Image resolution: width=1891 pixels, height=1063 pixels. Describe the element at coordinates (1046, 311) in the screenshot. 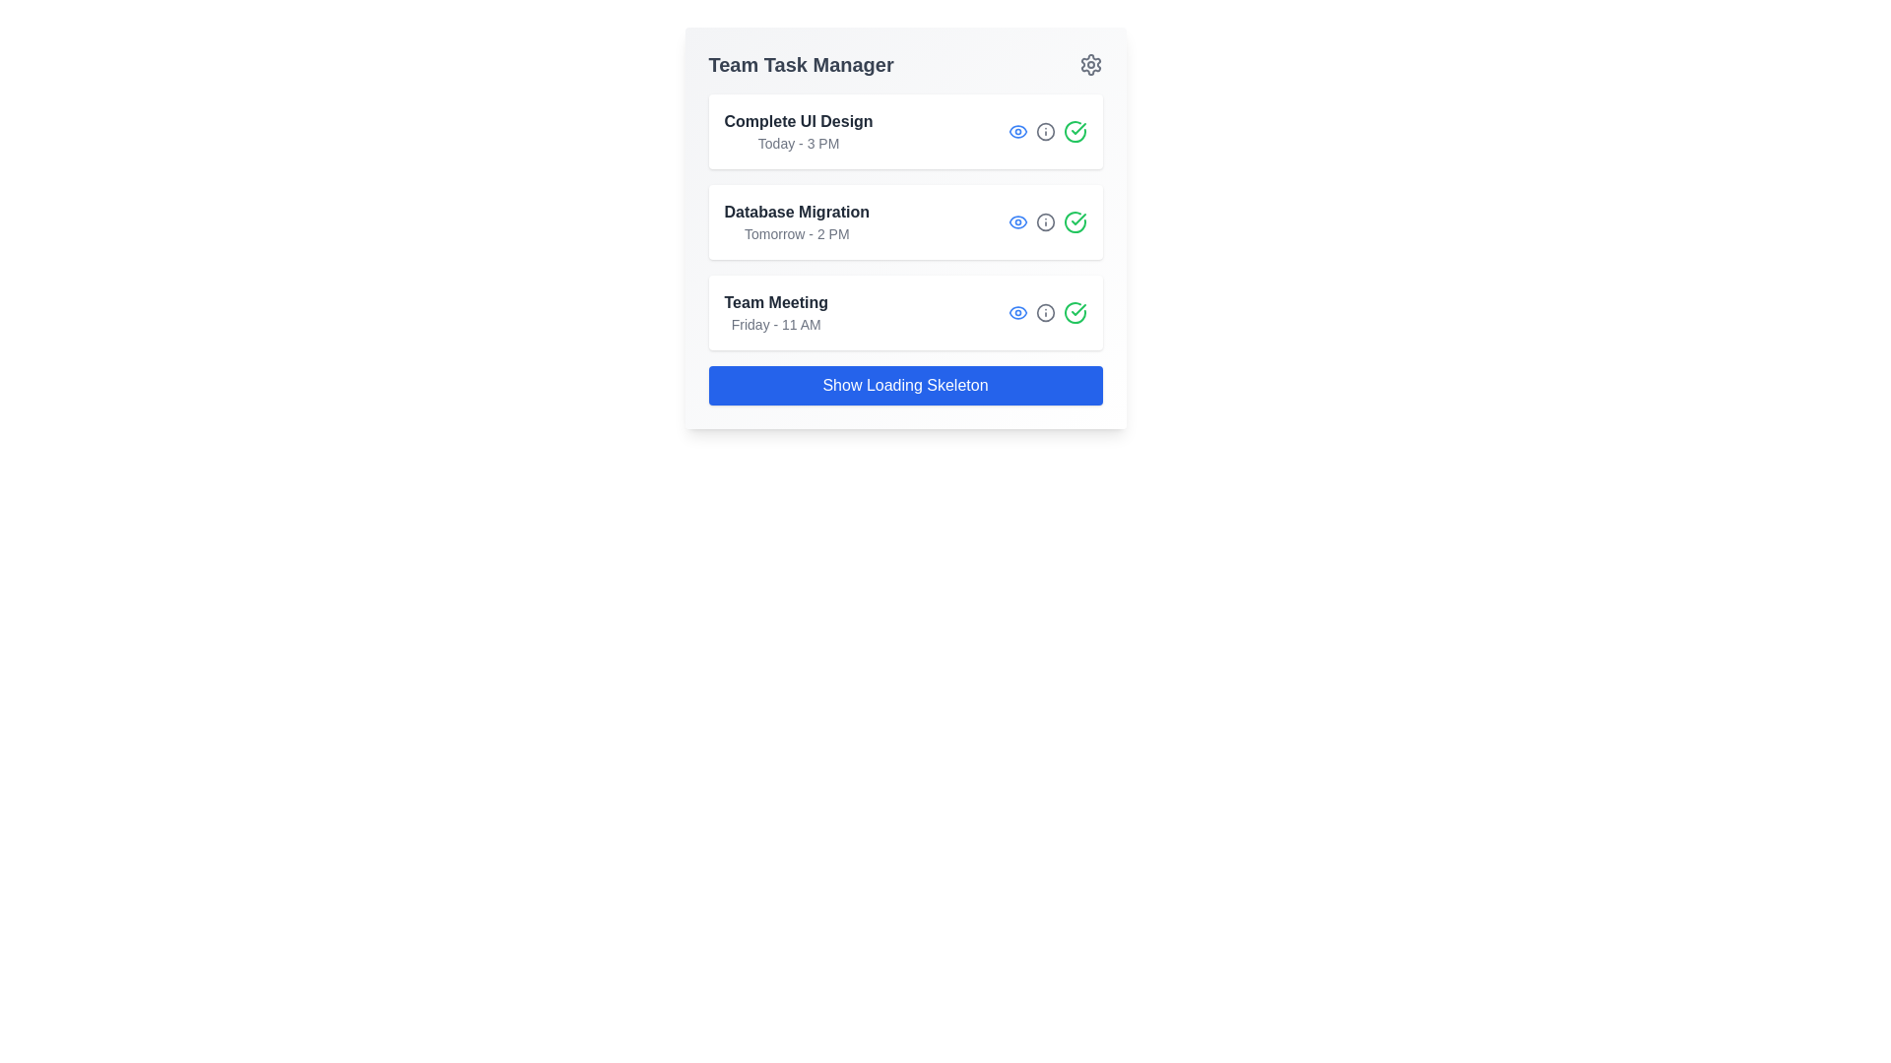

I see `the middle circular icon with an inner dot in the 'Team Meeting' section of the task card for action` at that location.